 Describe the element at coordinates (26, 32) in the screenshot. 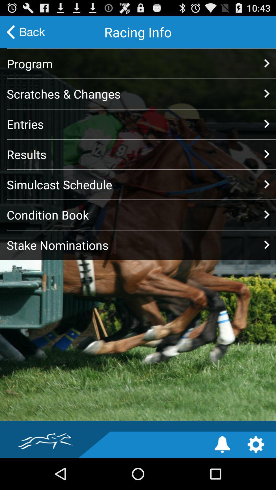

I see `go back` at that location.